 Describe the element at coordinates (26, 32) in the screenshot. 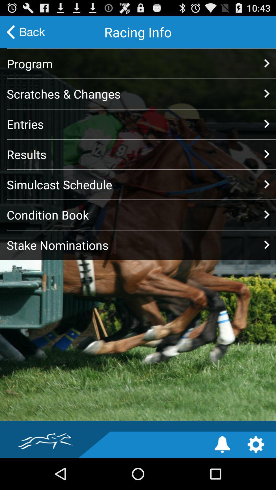

I see `go back` at that location.